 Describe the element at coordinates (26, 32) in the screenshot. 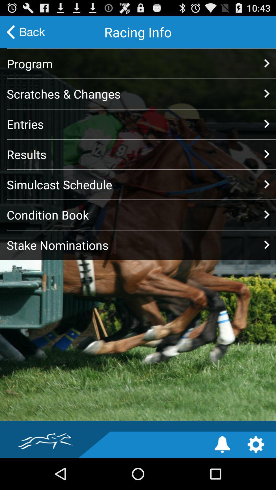

I see `go back` at that location.